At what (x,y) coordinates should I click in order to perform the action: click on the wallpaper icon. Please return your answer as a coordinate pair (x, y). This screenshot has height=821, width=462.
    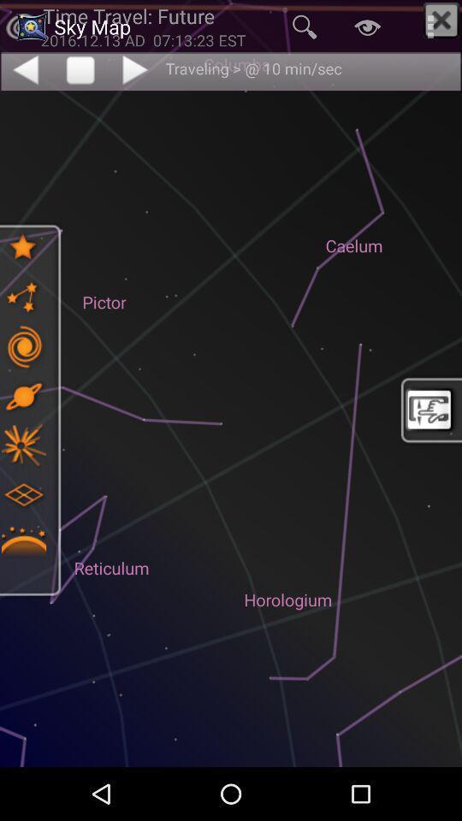
    Looking at the image, I should click on (429, 410).